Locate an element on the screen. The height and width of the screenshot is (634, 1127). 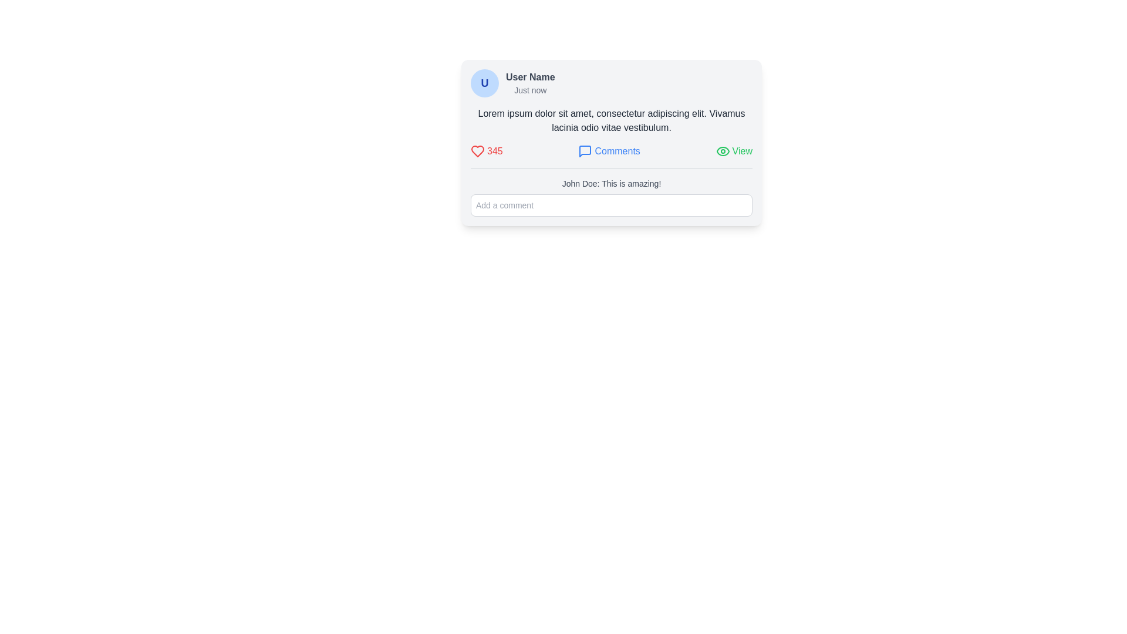
the paragraph of text styled in gray font that reads 'Lorem ipsum dolor sit amet, consectetur adipiscing elit. Vivamus lacinia odio vitae vestibulum.' located on a white card-like background is located at coordinates (610, 120).